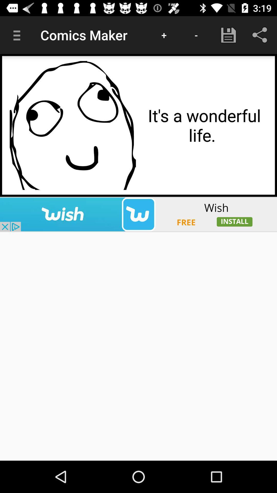  What do you see at coordinates (138, 214) in the screenshot?
I see `visit sponsored advertisement` at bounding box center [138, 214].